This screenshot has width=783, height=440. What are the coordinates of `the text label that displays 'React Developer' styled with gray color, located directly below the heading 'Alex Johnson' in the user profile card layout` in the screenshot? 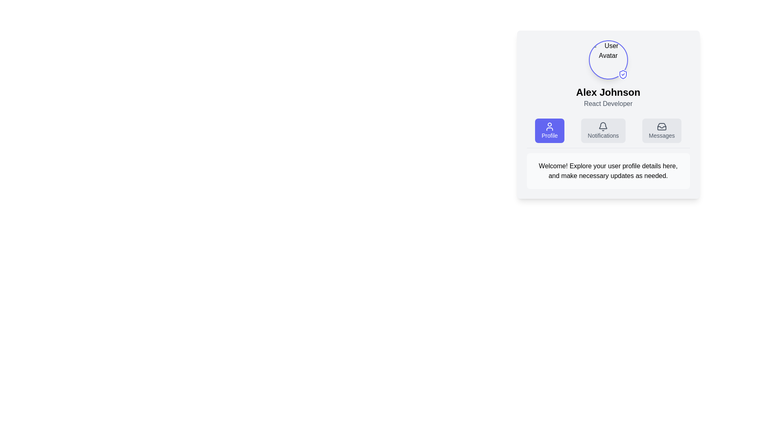 It's located at (608, 103).